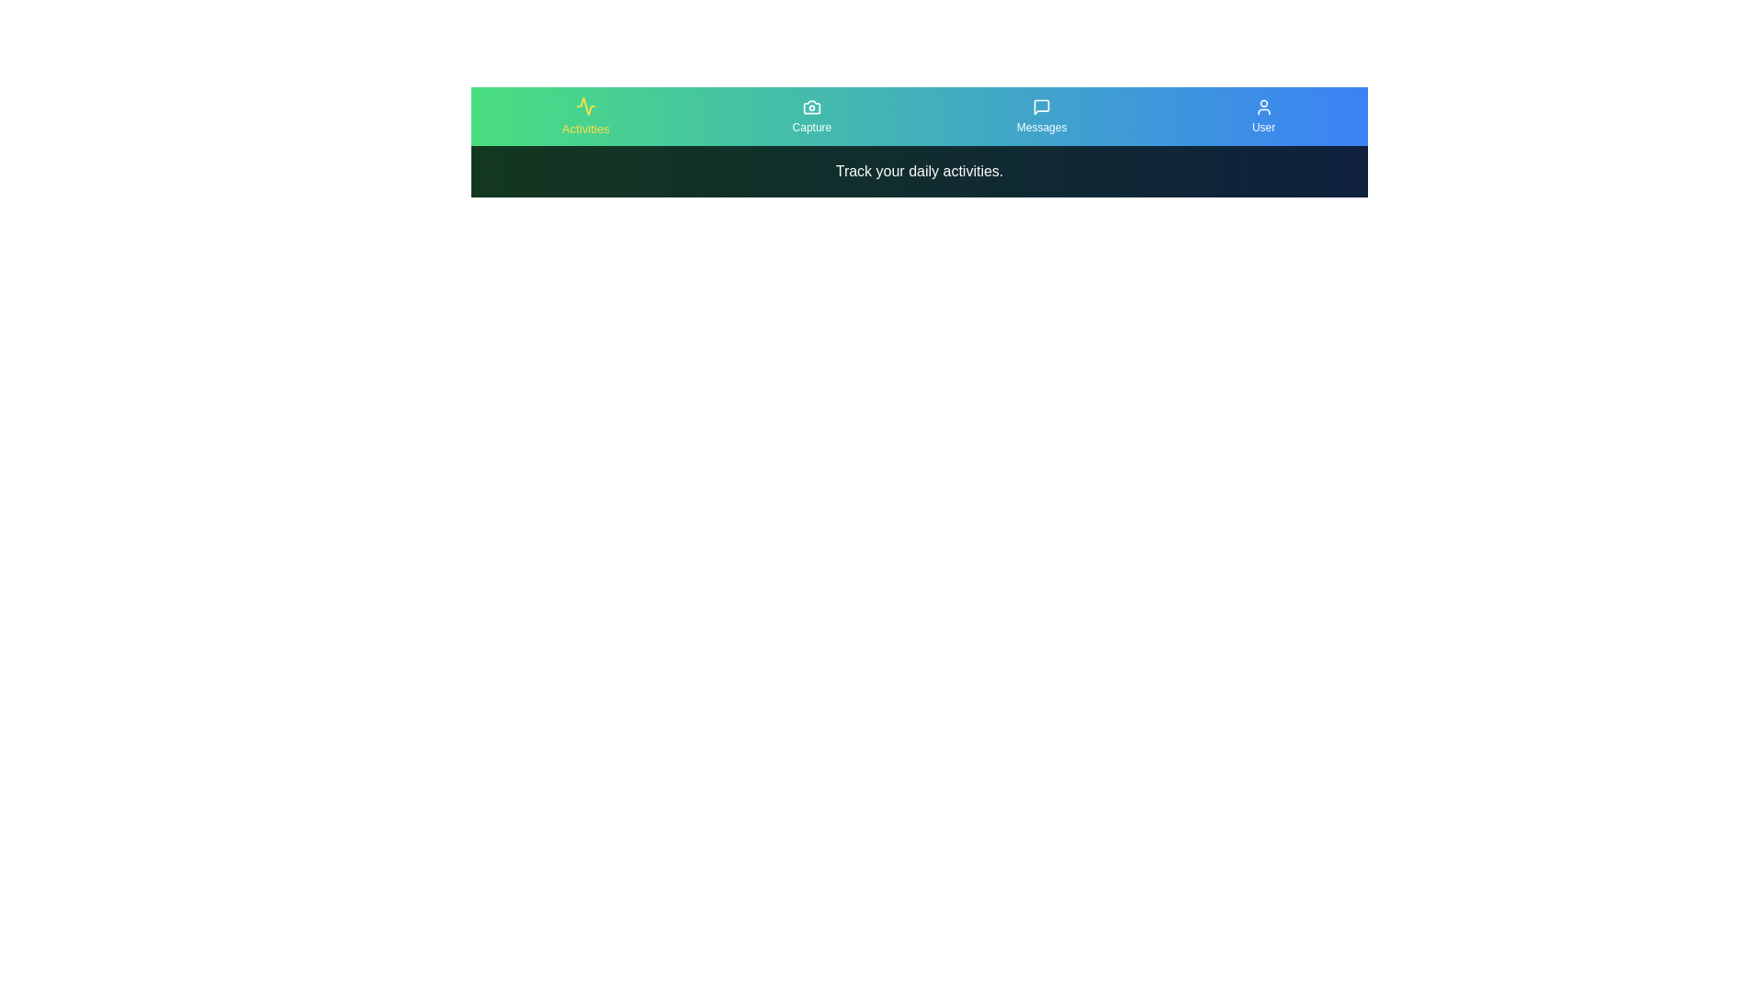  What do you see at coordinates (584, 117) in the screenshot?
I see `the tab labeled Activities to activate it` at bounding box center [584, 117].